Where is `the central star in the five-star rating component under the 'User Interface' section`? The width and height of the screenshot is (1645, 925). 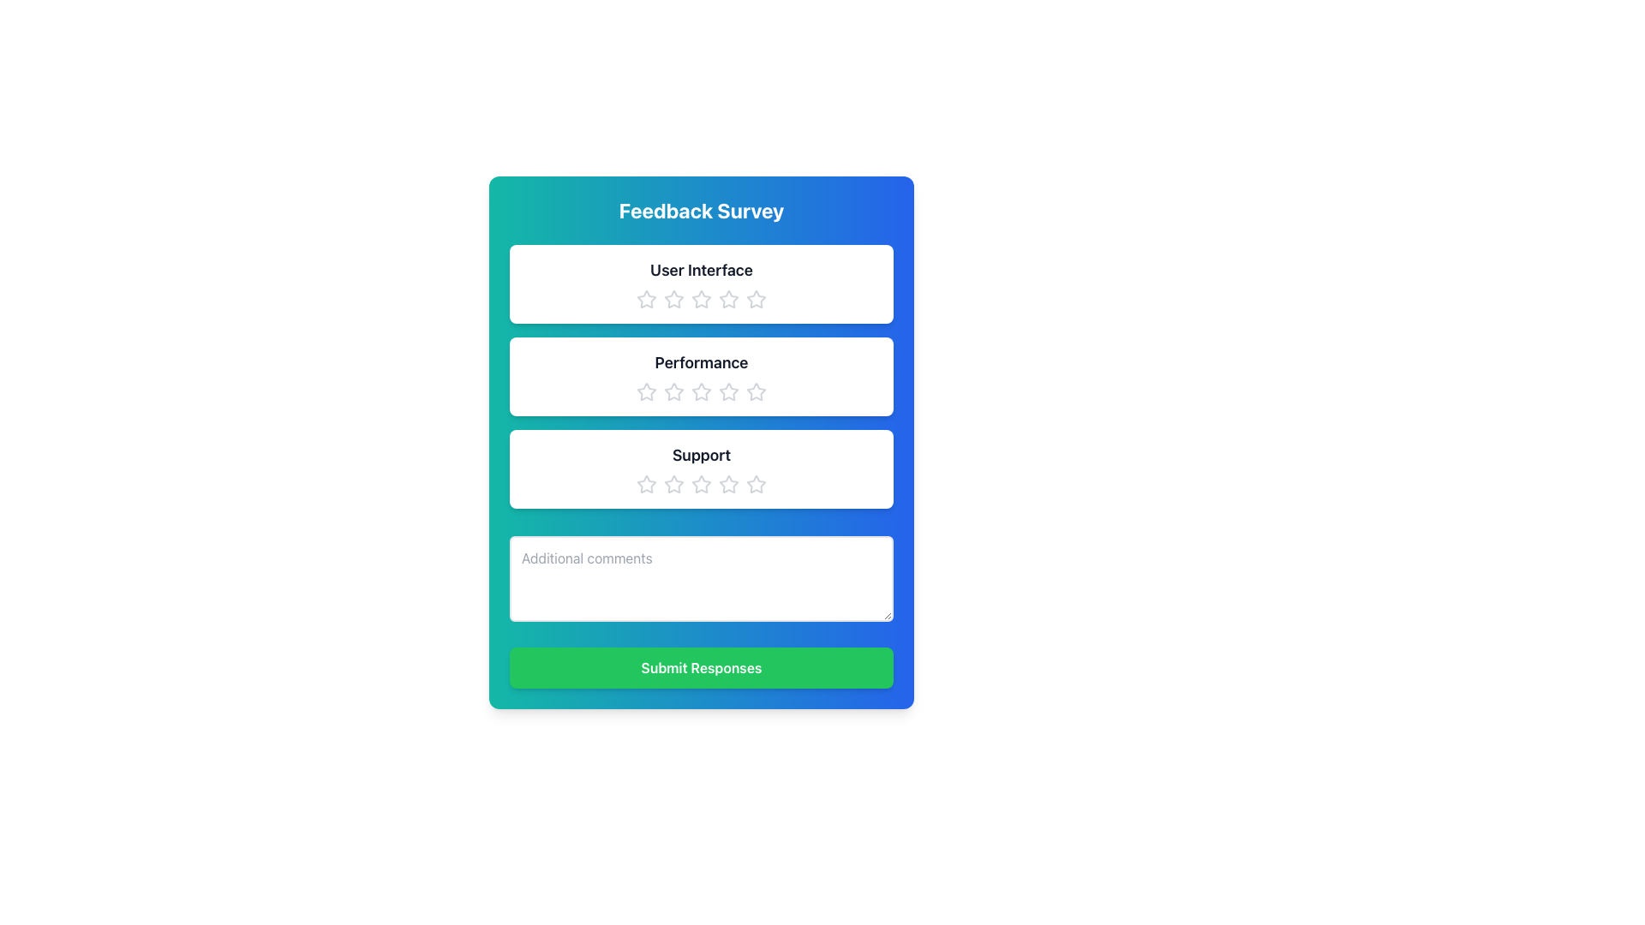 the central star in the five-star rating component under the 'User Interface' section is located at coordinates (702, 299).